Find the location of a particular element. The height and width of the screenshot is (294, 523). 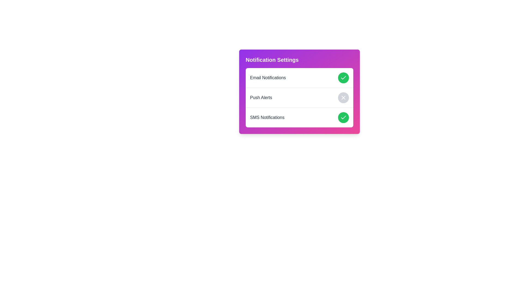

the 'Notification Settings' text label, which is styled with a bold font and white color, located at the top-center of the purple gradient header is located at coordinates (272, 60).